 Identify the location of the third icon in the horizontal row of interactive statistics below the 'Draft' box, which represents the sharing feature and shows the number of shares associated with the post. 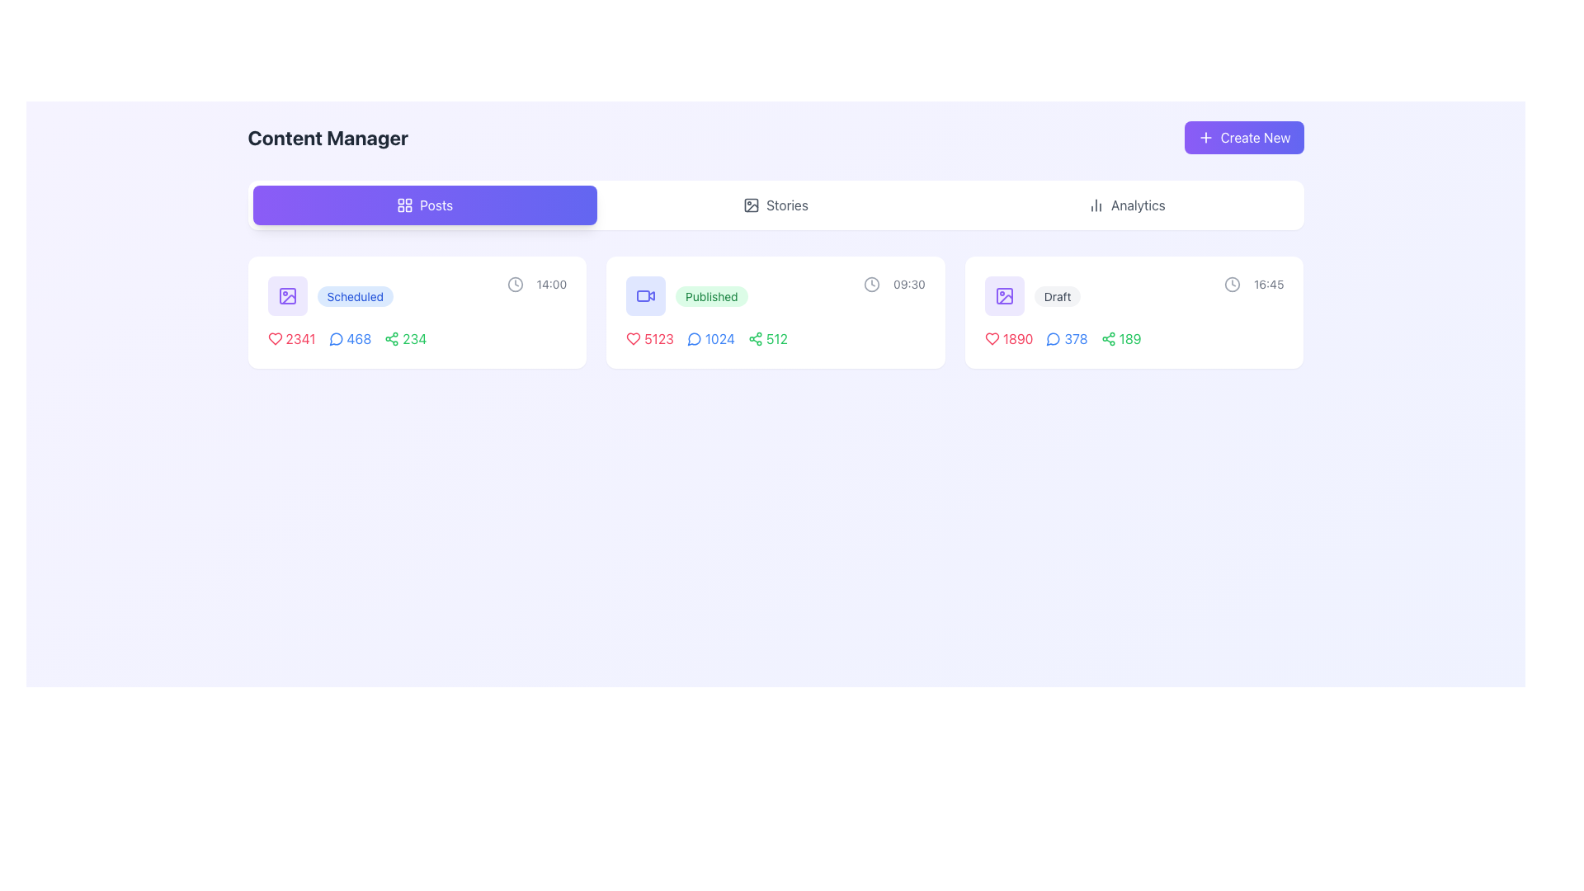
(1134, 338).